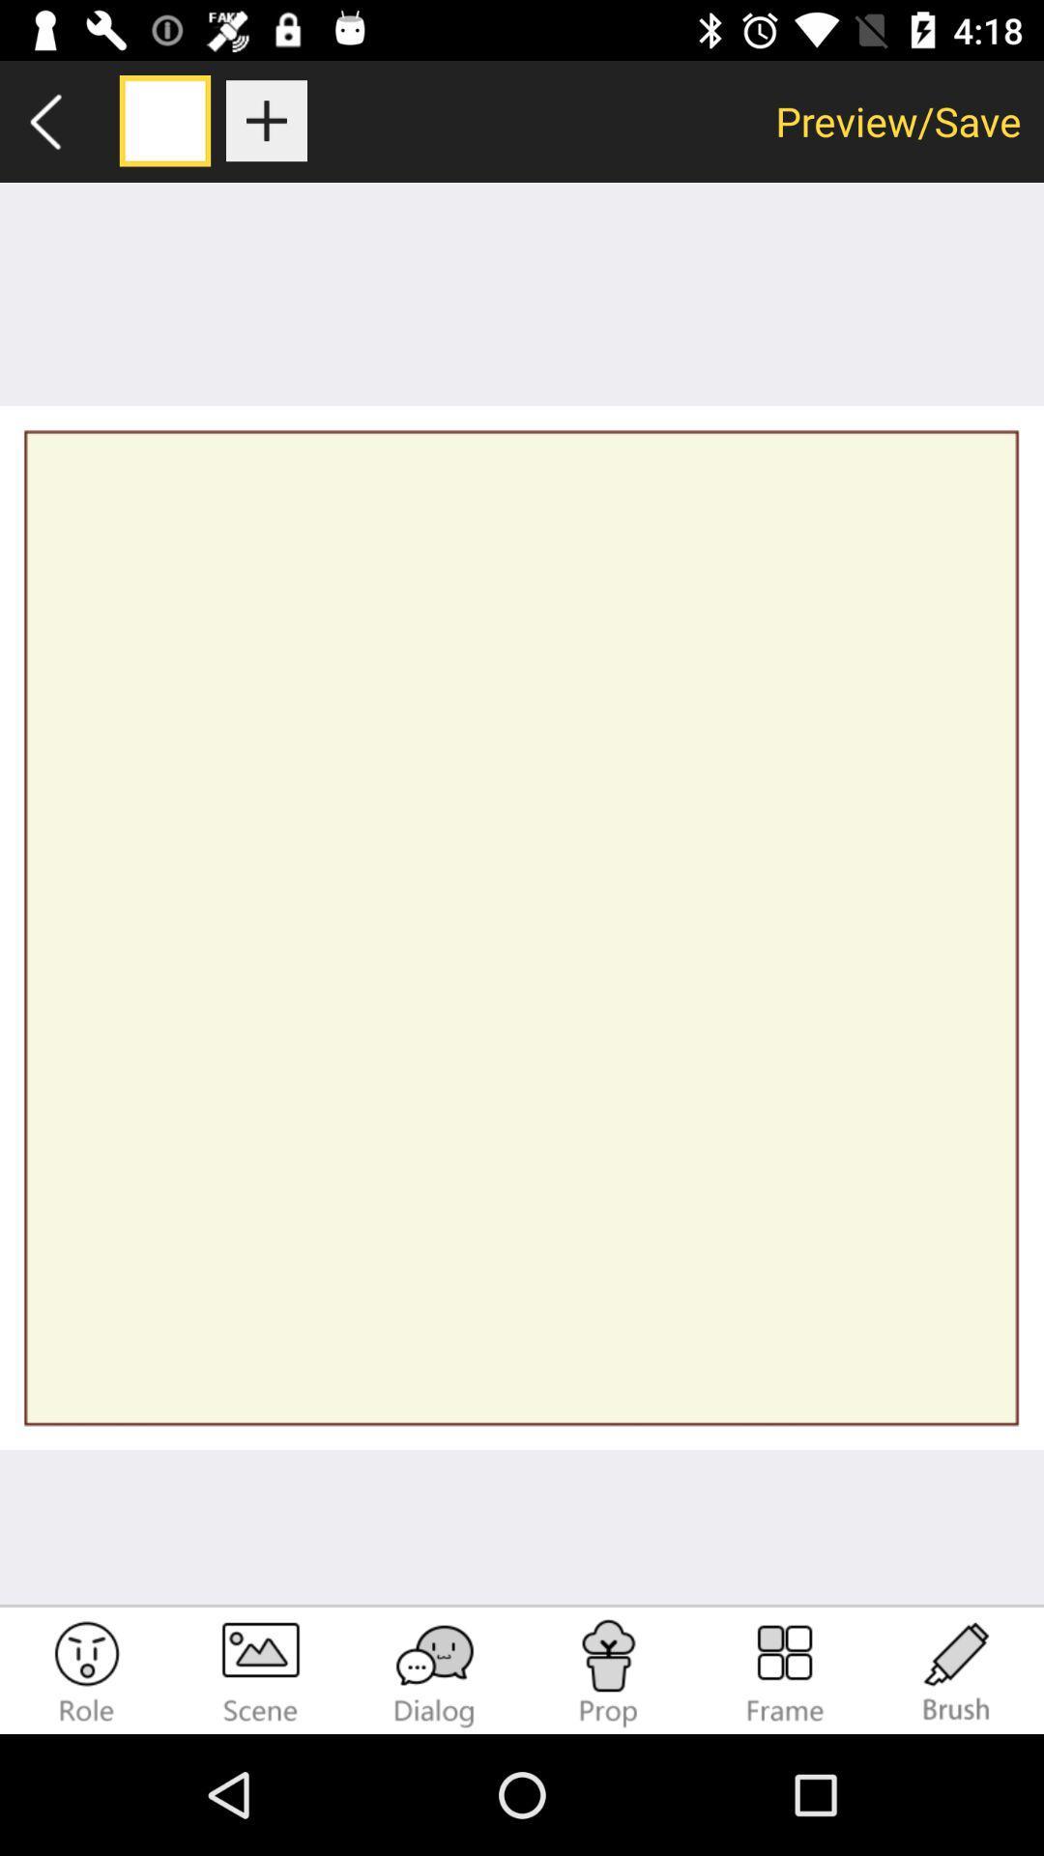 This screenshot has height=1856, width=1044. I want to click on the edit icon, so click(957, 1672).